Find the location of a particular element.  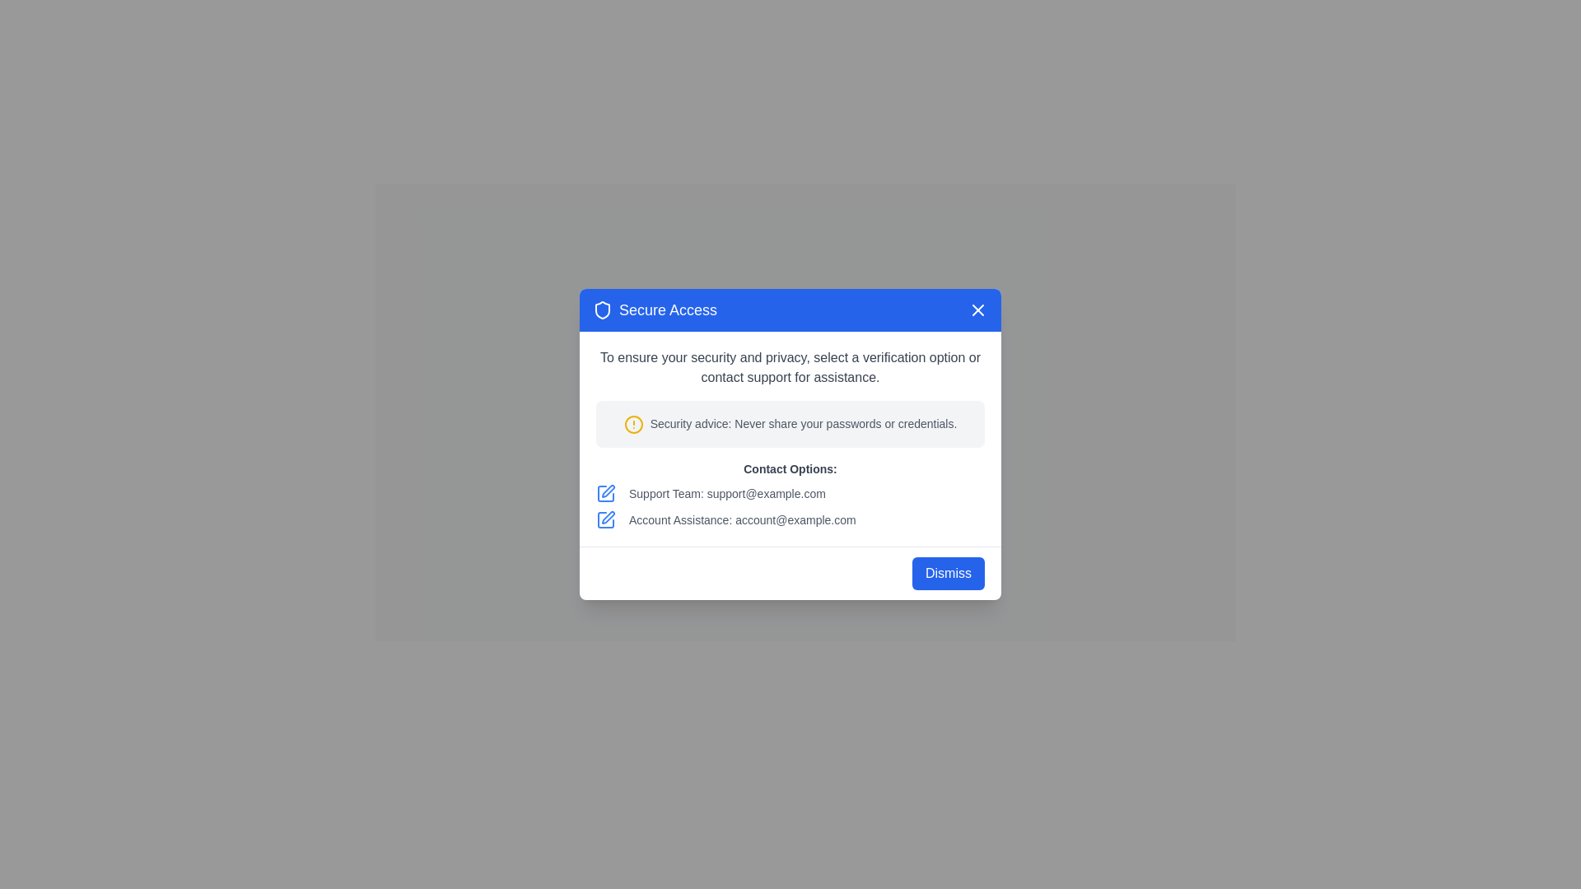

the security SVG icon located to the left of the 'Secure Access' text in the header of the modal dialog is located at coordinates (601, 310).